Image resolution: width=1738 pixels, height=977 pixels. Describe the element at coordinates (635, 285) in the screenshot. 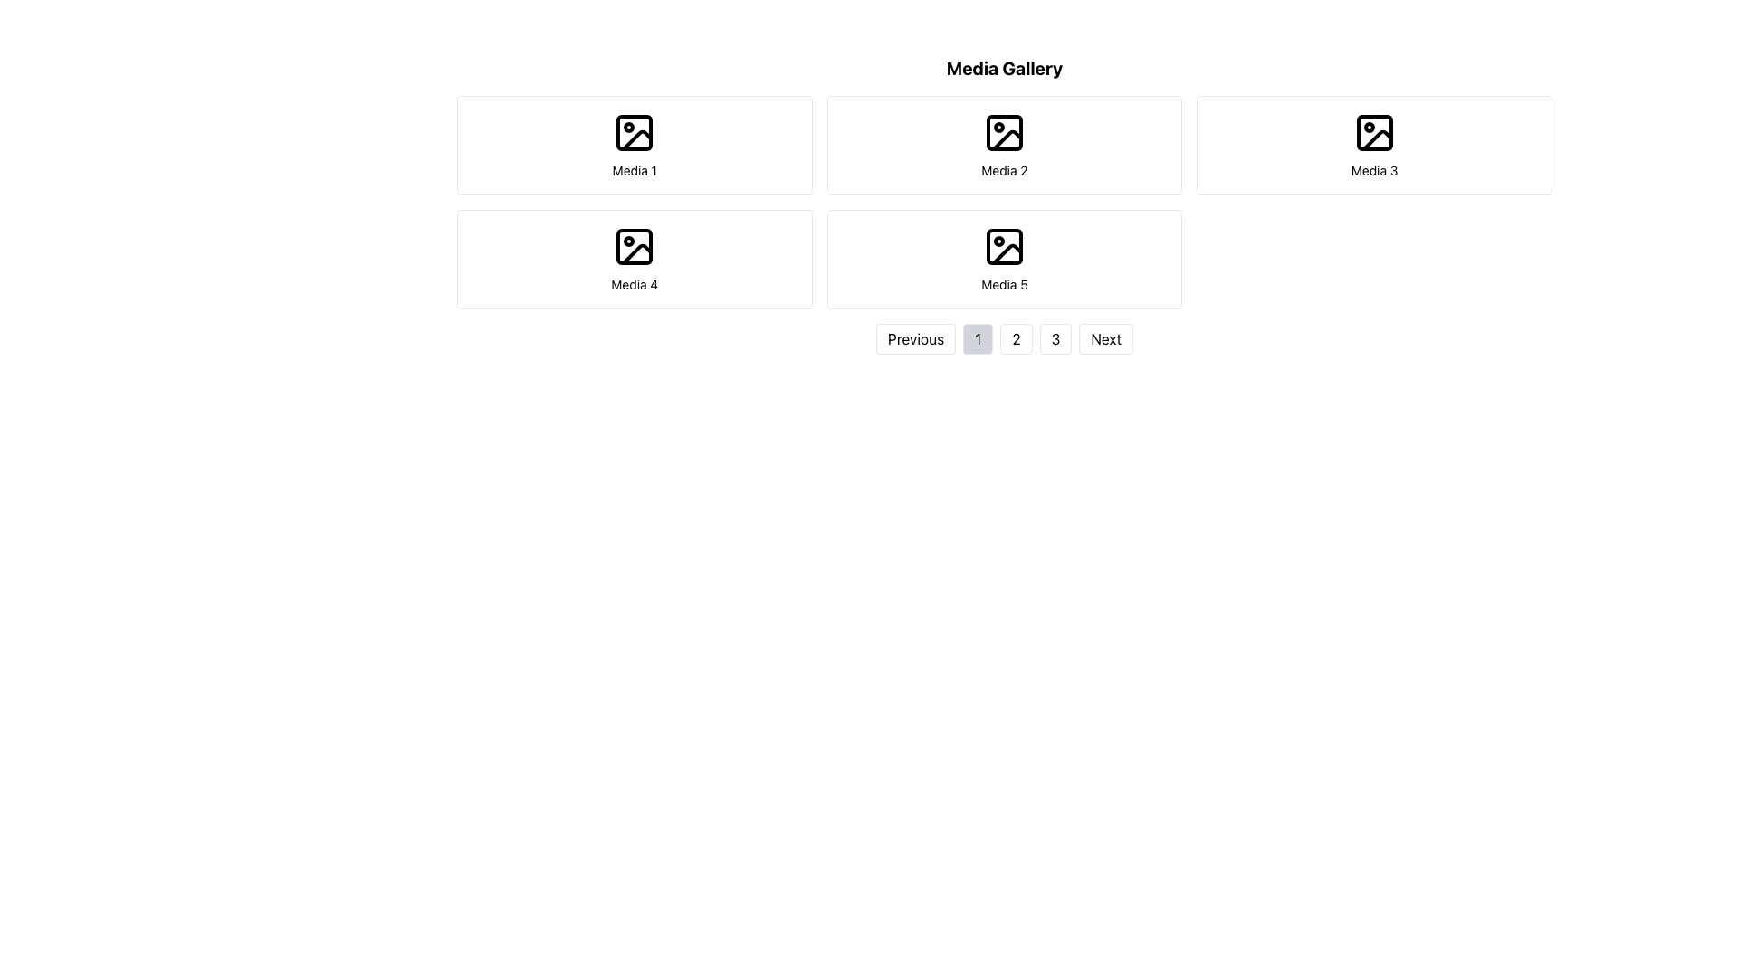

I see `the static text label marking it as 'Media 4' located in the fourth card of a 2x3 grid arrangement` at that location.